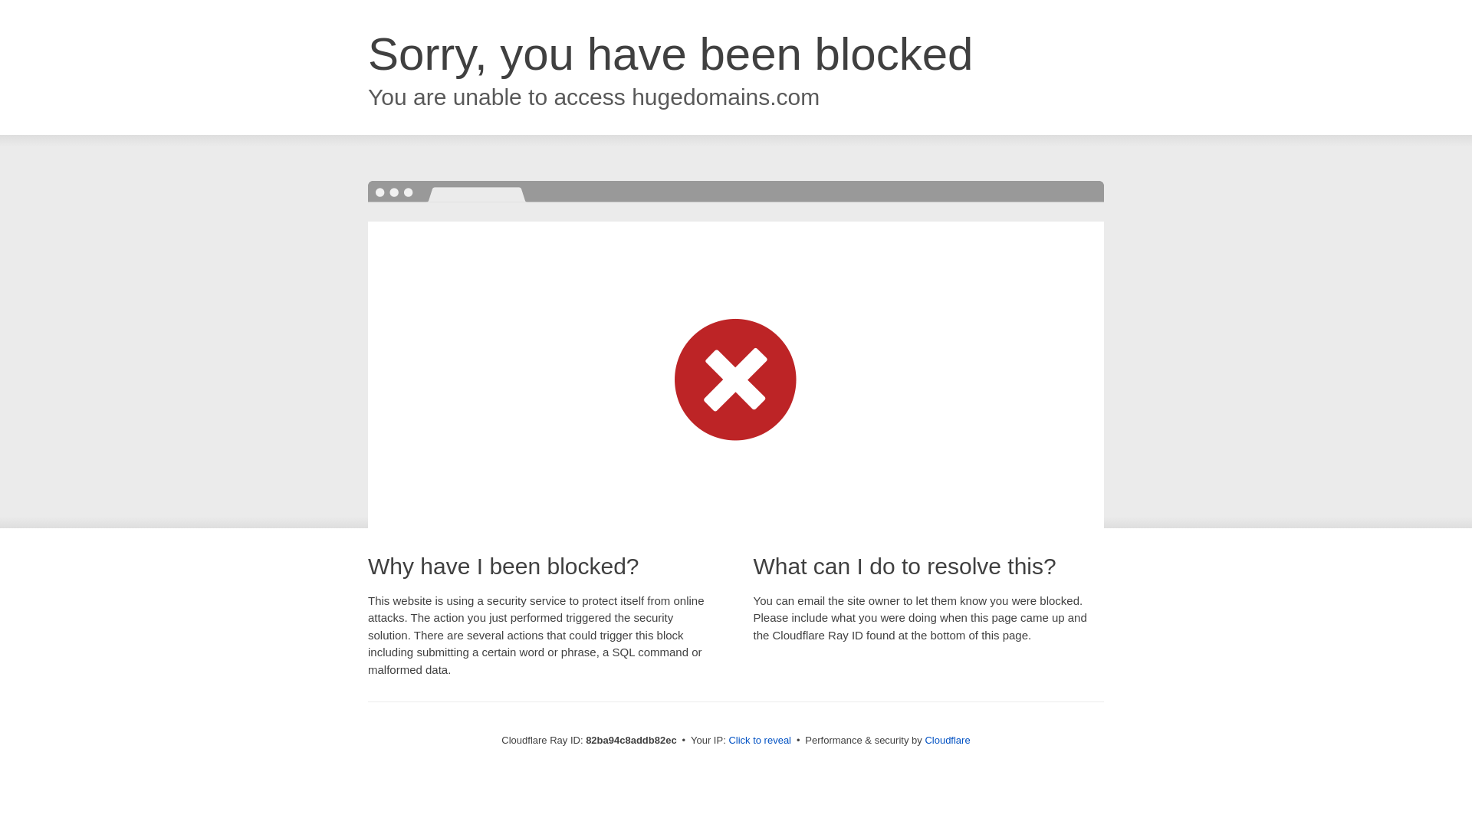  Describe the element at coordinates (946, 739) in the screenshot. I see `'Cloudflare'` at that location.